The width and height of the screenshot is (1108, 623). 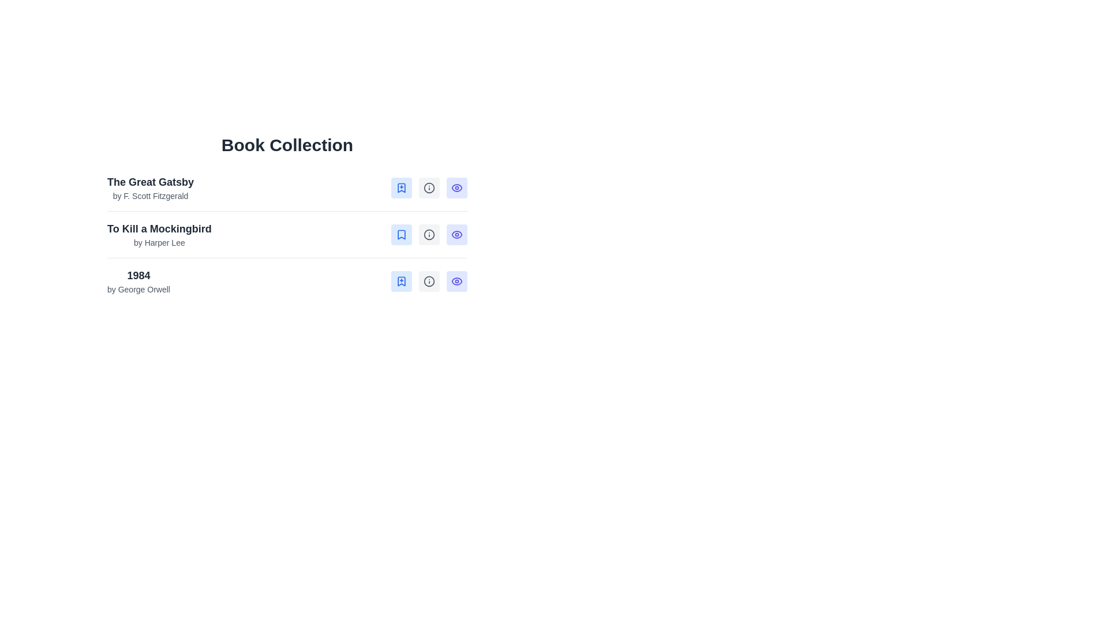 I want to click on the eye-shaped icon representing visibility or preview functionality for the book 'To Kill a Mockingbird', so click(x=456, y=234).